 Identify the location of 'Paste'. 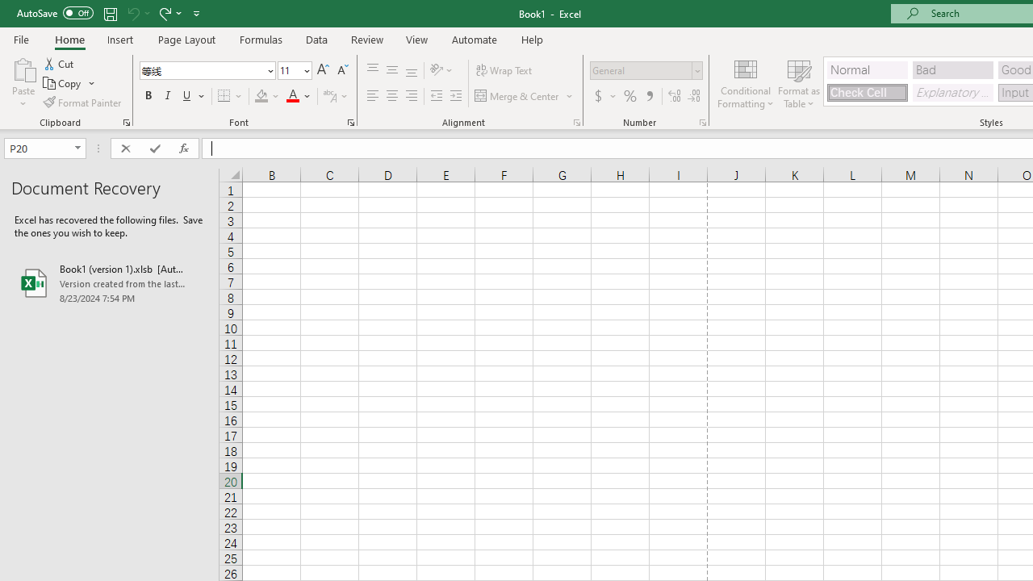
(23, 68).